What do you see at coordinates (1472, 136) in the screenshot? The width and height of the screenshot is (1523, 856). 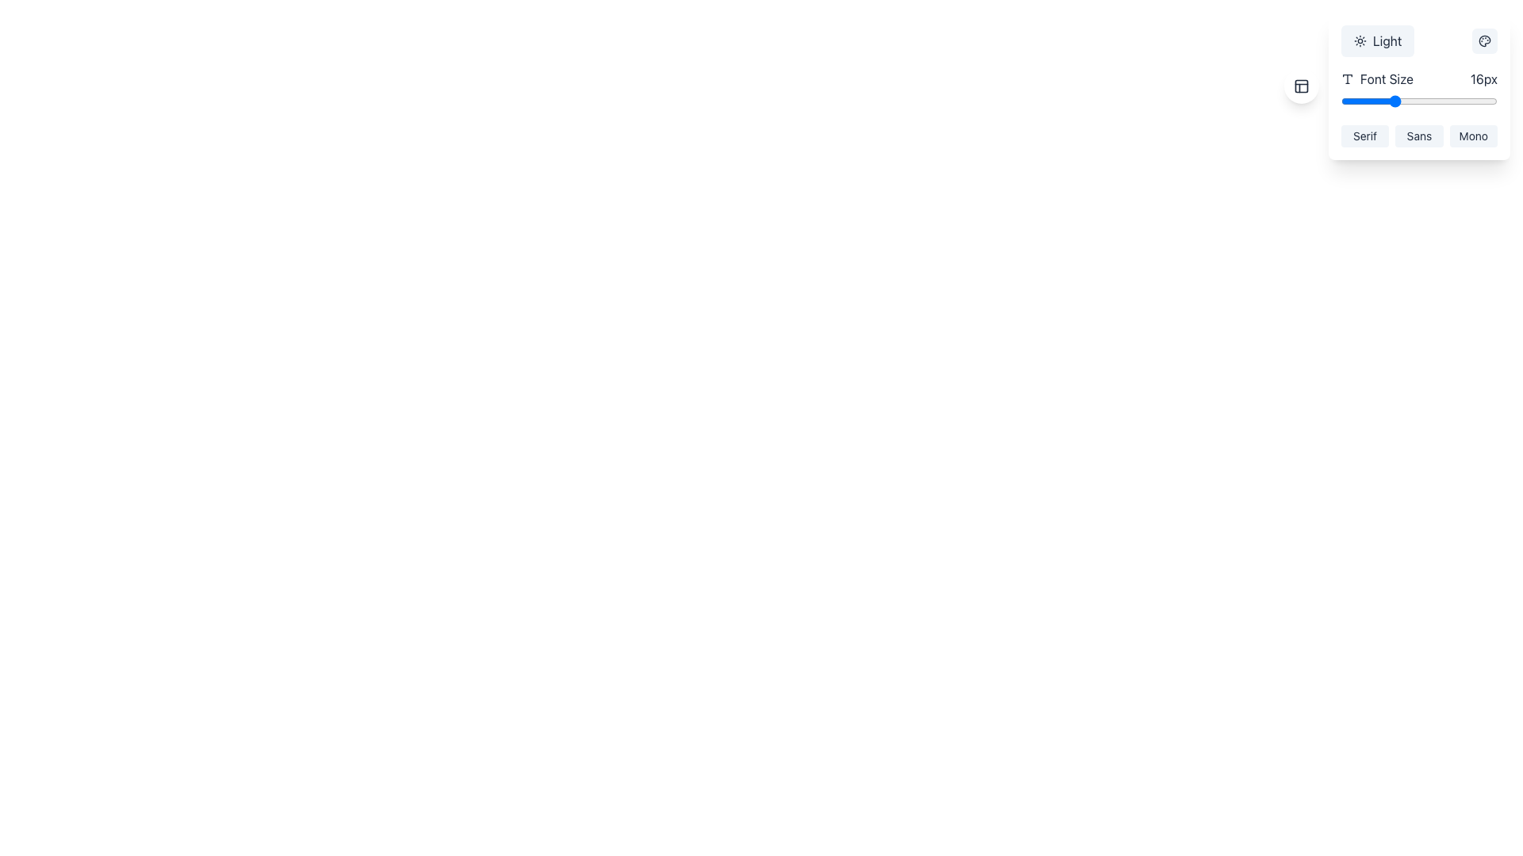 I see `the 'Mono' button, which has a light gray background and features the text 'Mono' centered within a small, rounded shape` at bounding box center [1472, 136].